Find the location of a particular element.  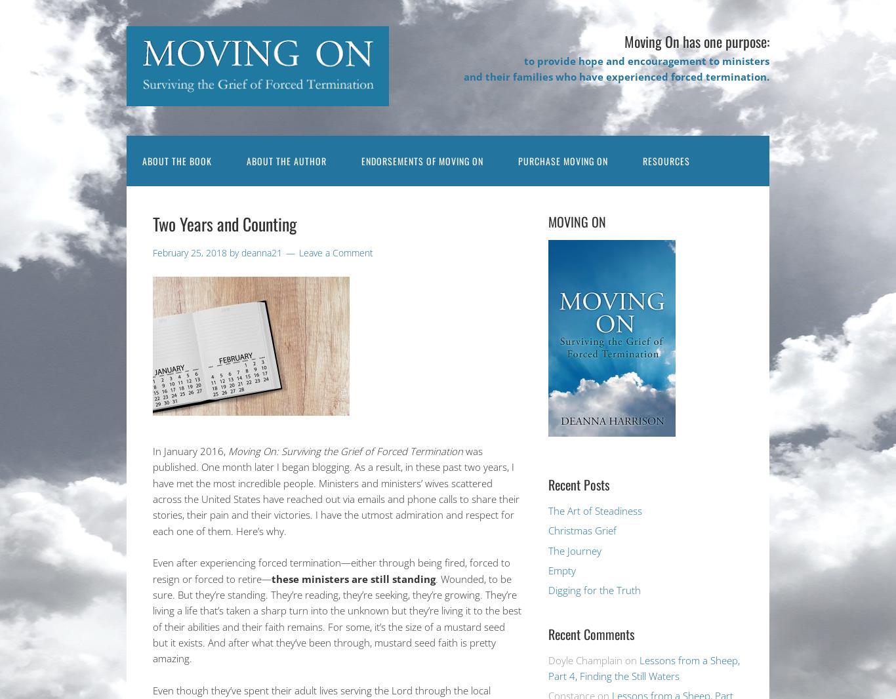

'Purchase Moving On' is located at coordinates (562, 160).